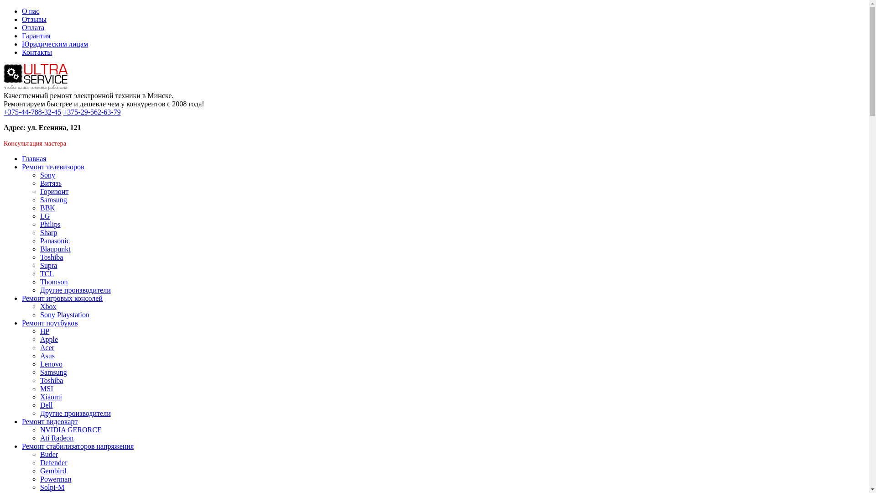 This screenshot has width=876, height=493. I want to click on 'Philips', so click(50, 224).